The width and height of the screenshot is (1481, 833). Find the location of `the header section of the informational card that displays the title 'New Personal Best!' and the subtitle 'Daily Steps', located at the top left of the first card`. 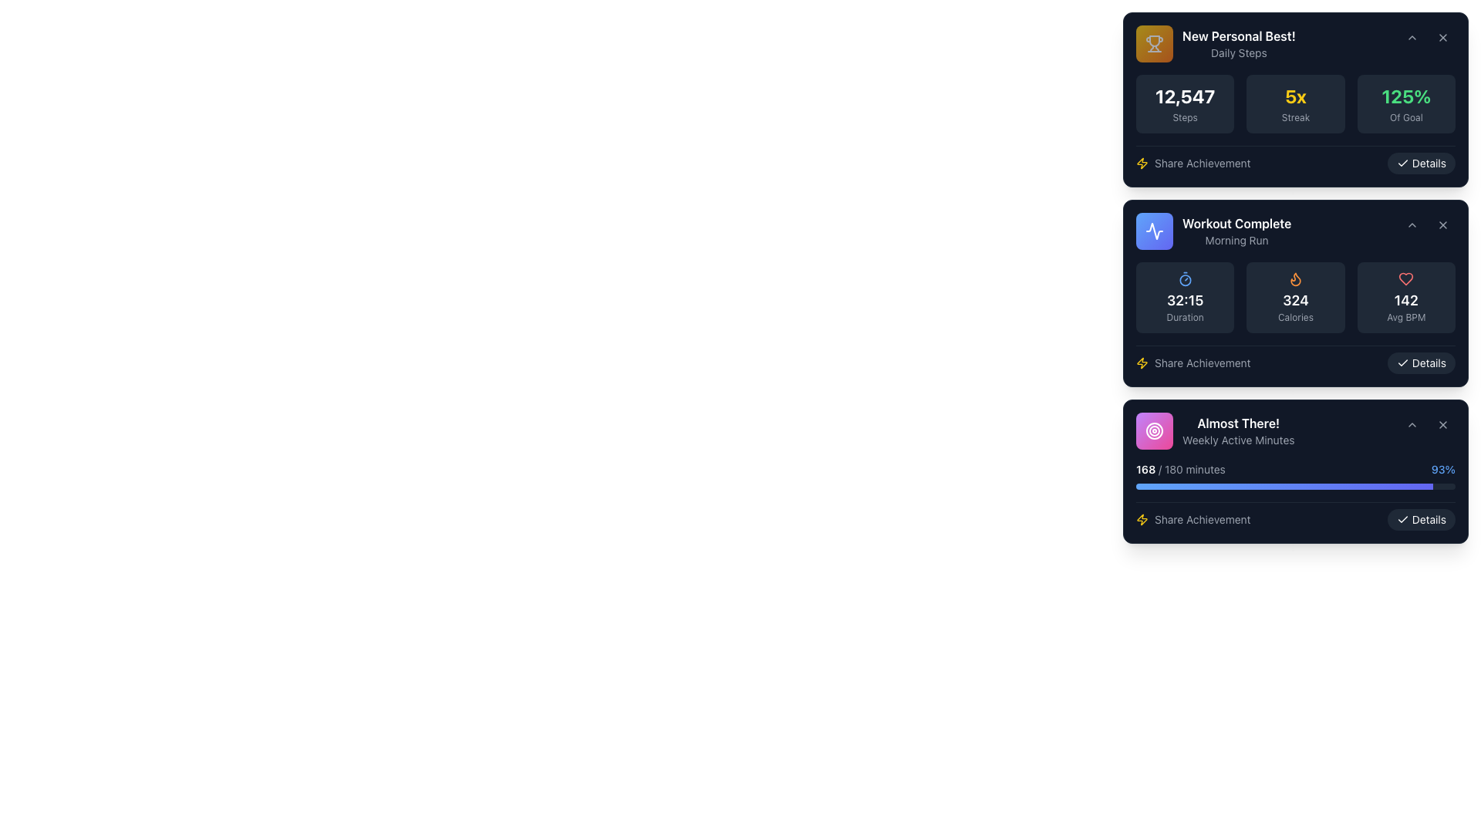

the header section of the informational card that displays the title 'New Personal Best!' and the subtitle 'Daily Steps', located at the top left of the first card is located at coordinates (1215, 43).